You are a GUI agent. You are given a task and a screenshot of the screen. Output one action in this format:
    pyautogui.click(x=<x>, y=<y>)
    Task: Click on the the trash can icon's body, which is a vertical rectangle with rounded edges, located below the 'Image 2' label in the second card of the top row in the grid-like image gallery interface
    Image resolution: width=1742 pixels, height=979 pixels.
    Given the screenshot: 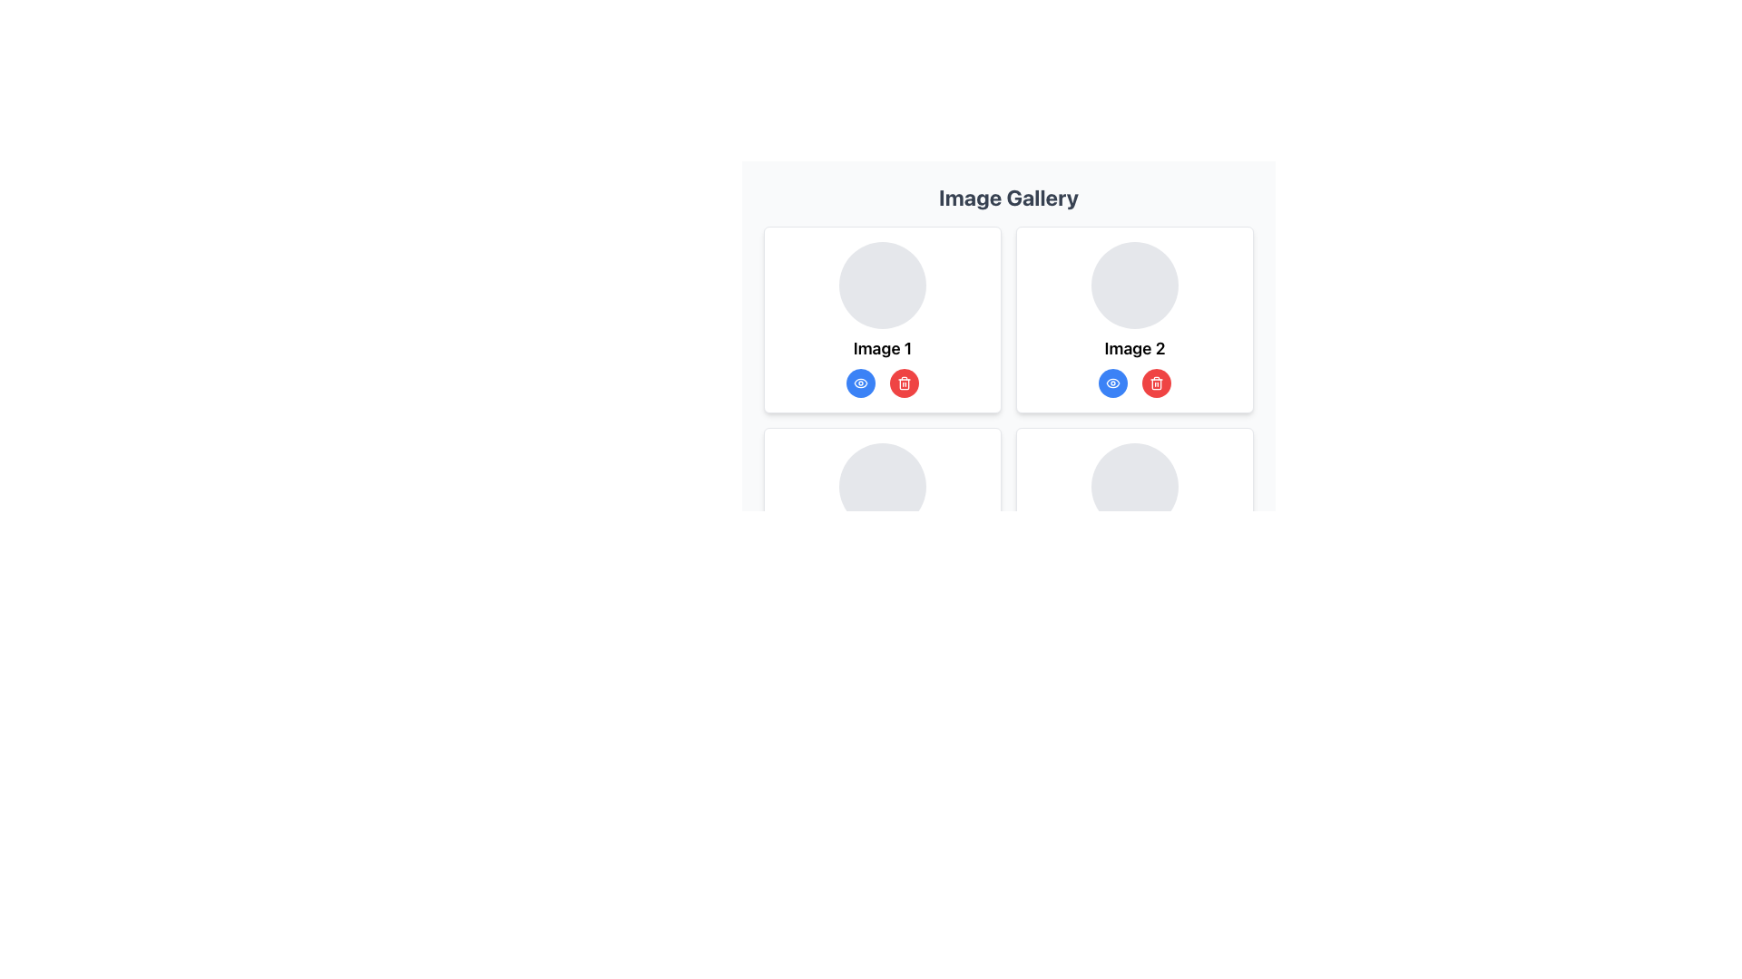 What is the action you would take?
    pyautogui.click(x=1156, y=383)
    